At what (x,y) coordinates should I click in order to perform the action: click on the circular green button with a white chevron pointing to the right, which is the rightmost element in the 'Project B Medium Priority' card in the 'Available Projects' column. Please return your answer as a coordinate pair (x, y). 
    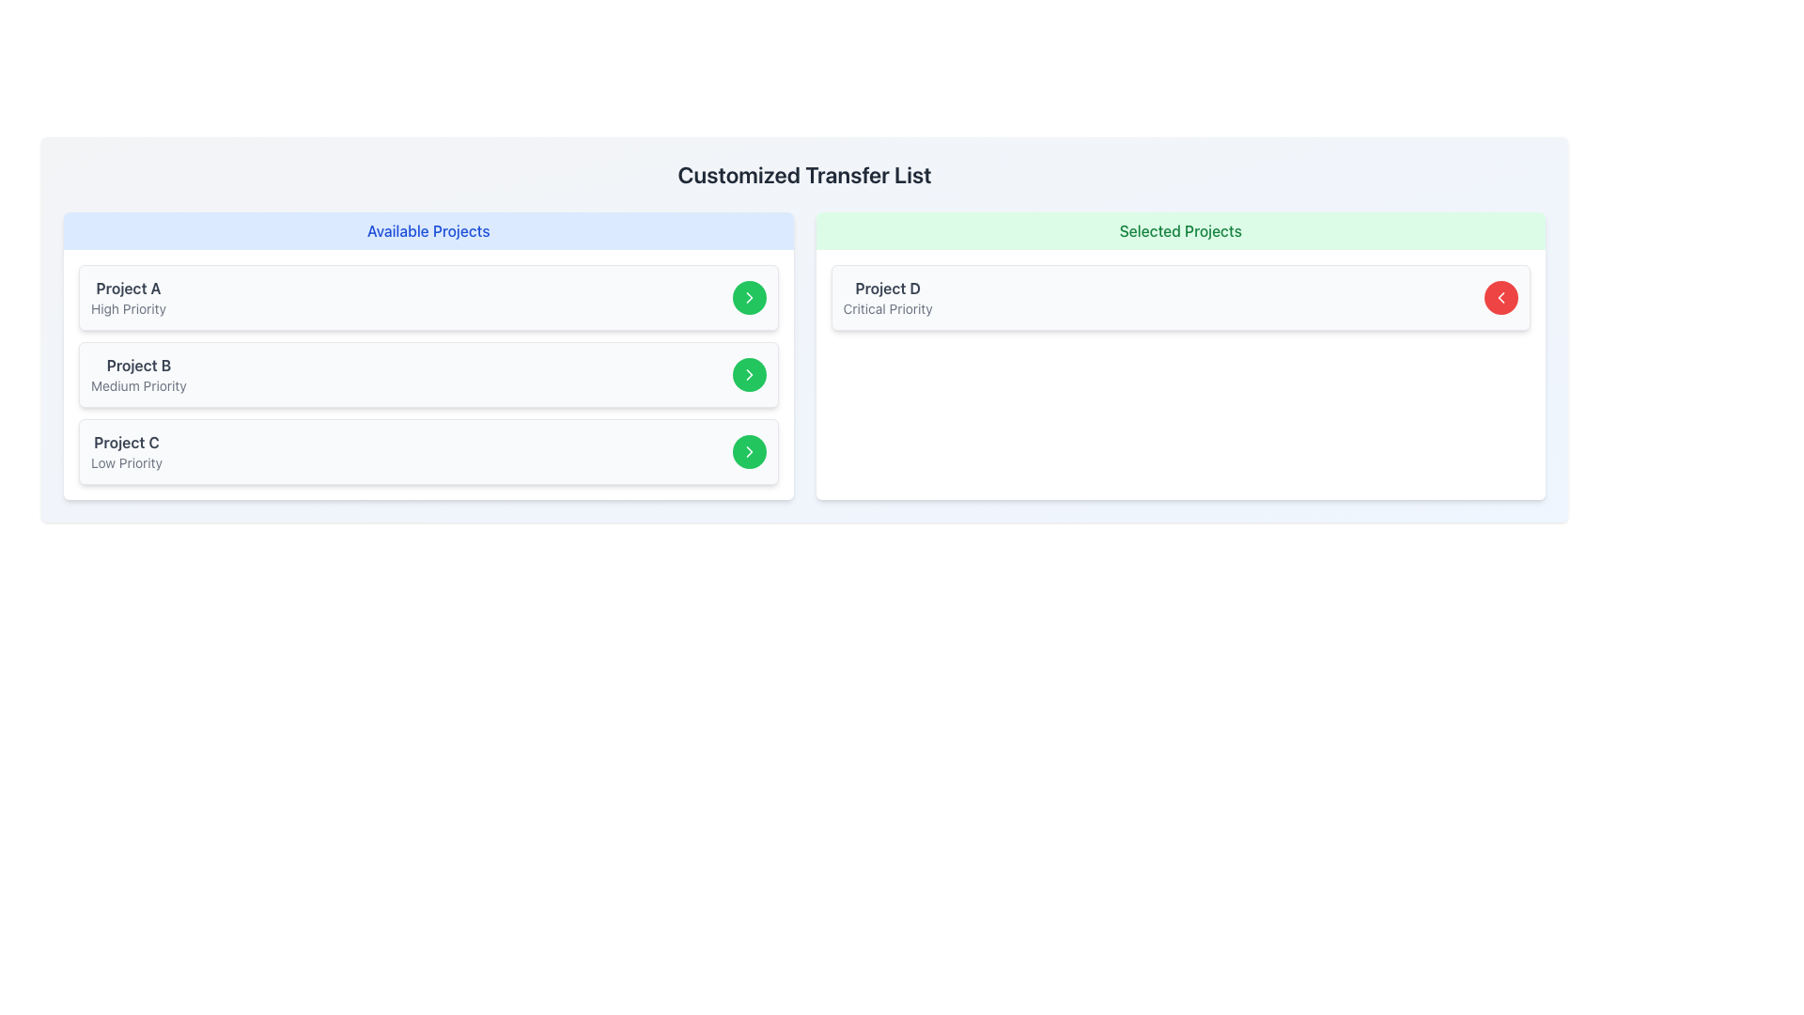
    Looking at the image, I should click on (748, 374).